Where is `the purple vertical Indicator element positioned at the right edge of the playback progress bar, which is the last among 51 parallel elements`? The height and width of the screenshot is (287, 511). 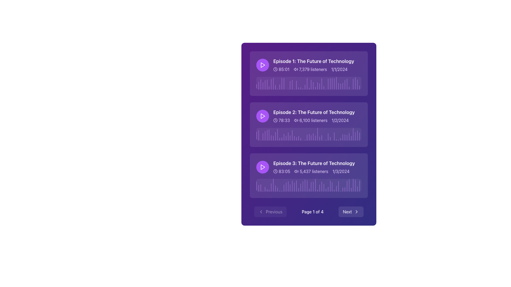 the purple vertical Indicator element positioned at the right edge of the playback progress bar, which is the last among 51 parallel elements is located at coordinates (357, 135).